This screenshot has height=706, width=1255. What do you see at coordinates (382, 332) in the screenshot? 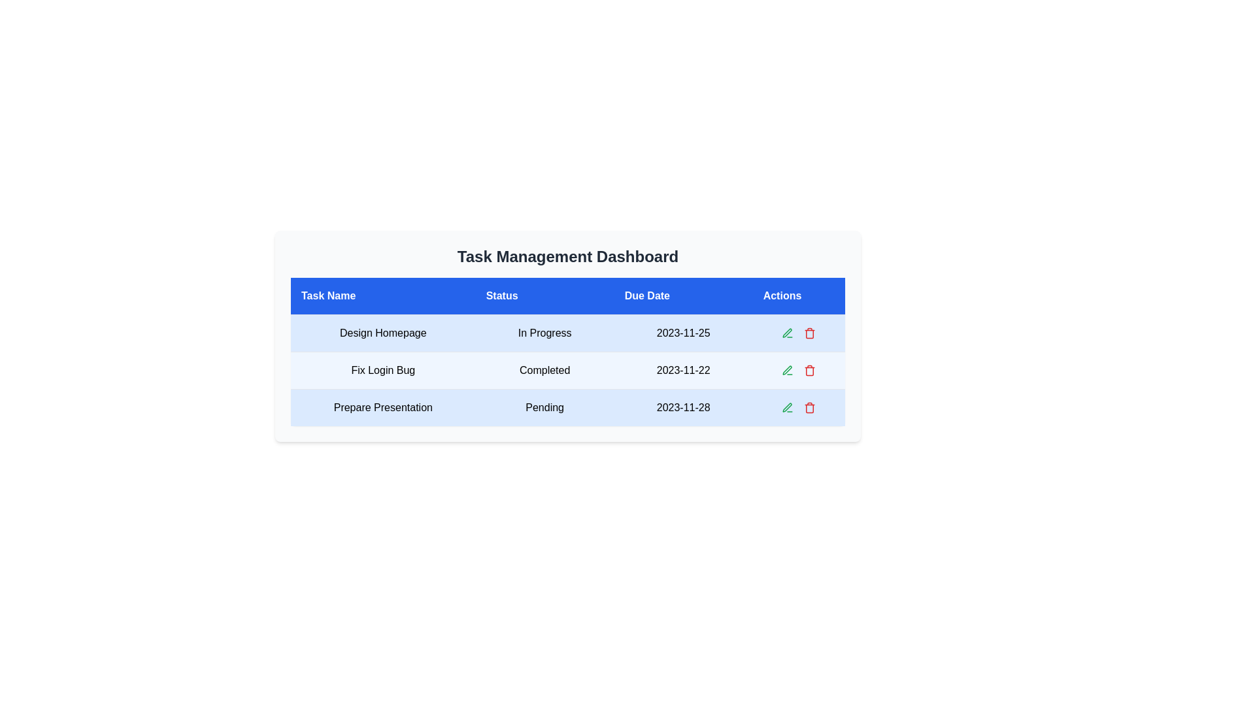
I see `the text label 'Design Homepage' in the first cell of the 'Task Name' column in the 'Task Management Dashboard'` at bounding box center [382, 332].